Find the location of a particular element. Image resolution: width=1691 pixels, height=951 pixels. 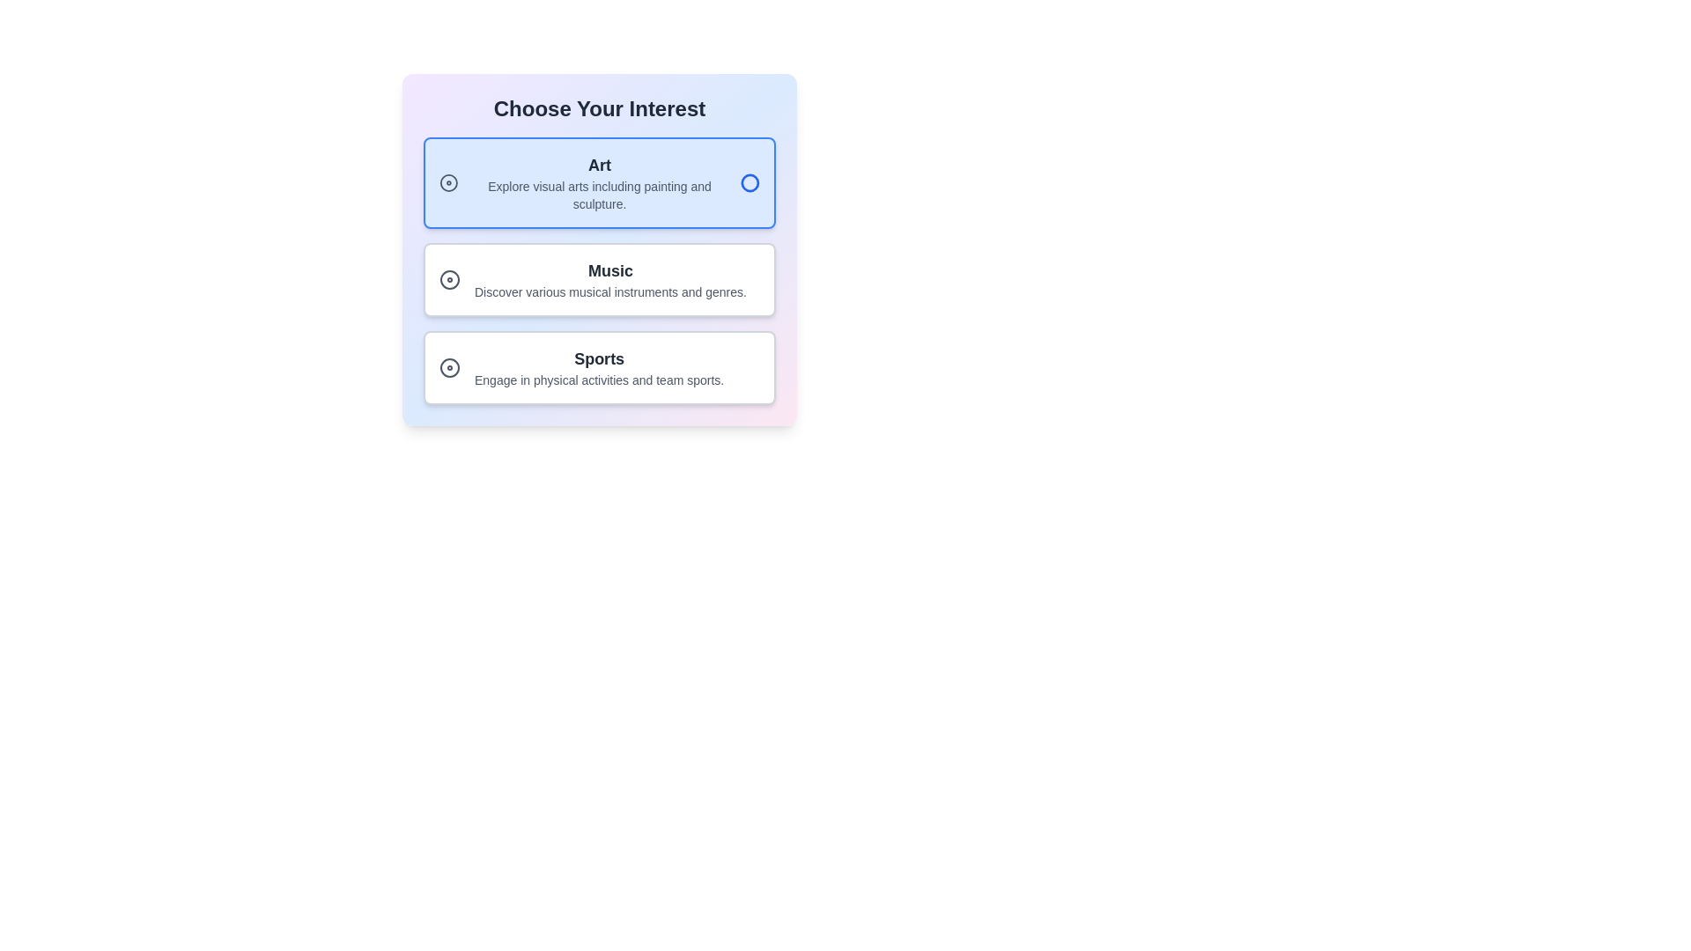

the 'Sports' text label, which is styled in bold, large dark gray font and positioned as a header above a descriptive sentence in a card section is located at coordinates (599, 358).